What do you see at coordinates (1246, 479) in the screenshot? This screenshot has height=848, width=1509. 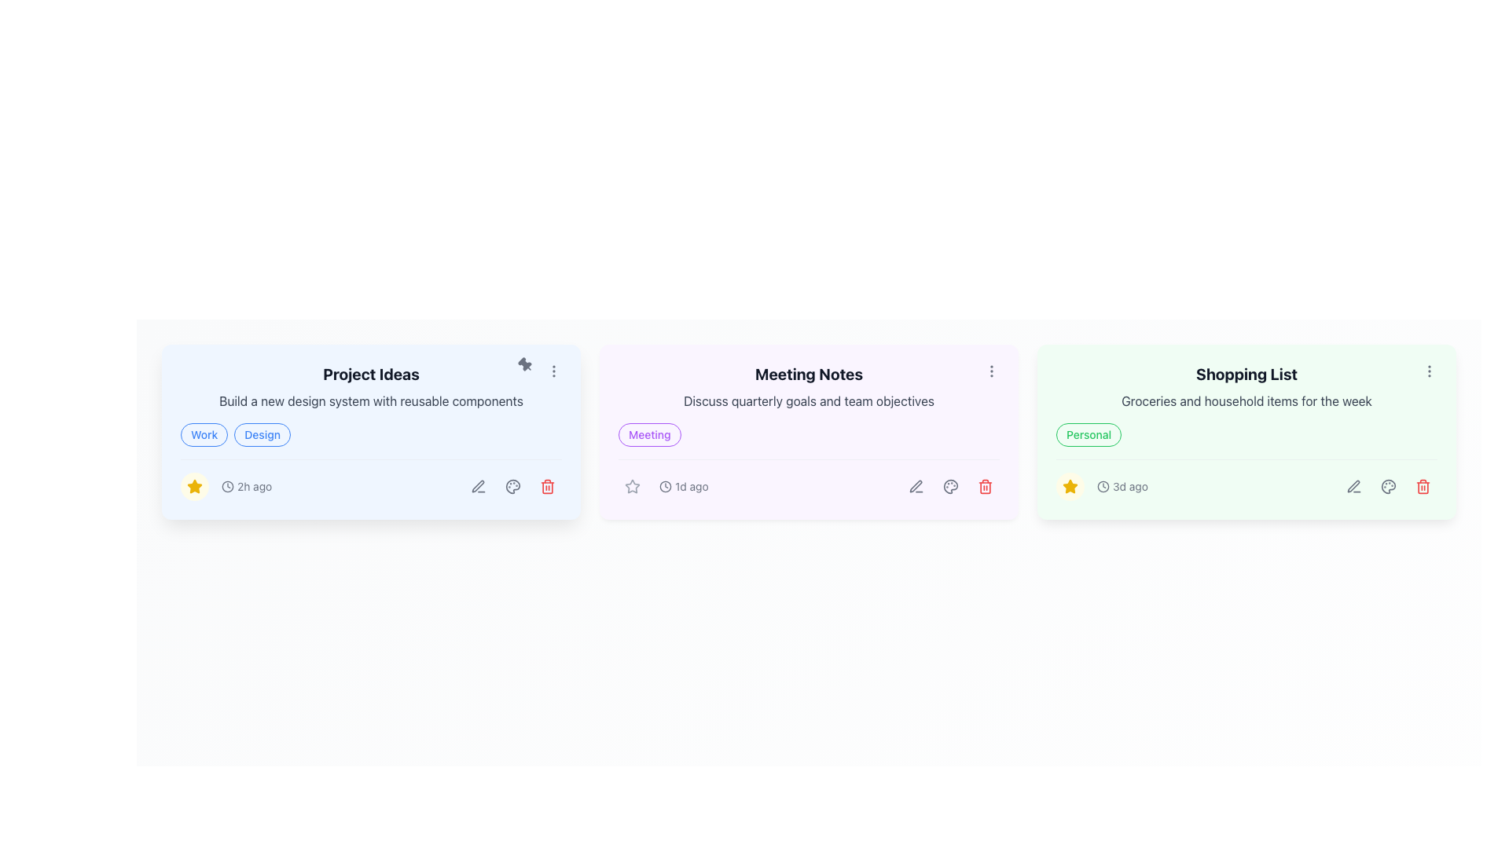 I see `the Decoration or Spacer element located at the central part of the bottom section of the 'Shopping List' card, which acts as a visual divider between the '3d ago' timestamp and the action icons` at bounding box center [1246, 479].